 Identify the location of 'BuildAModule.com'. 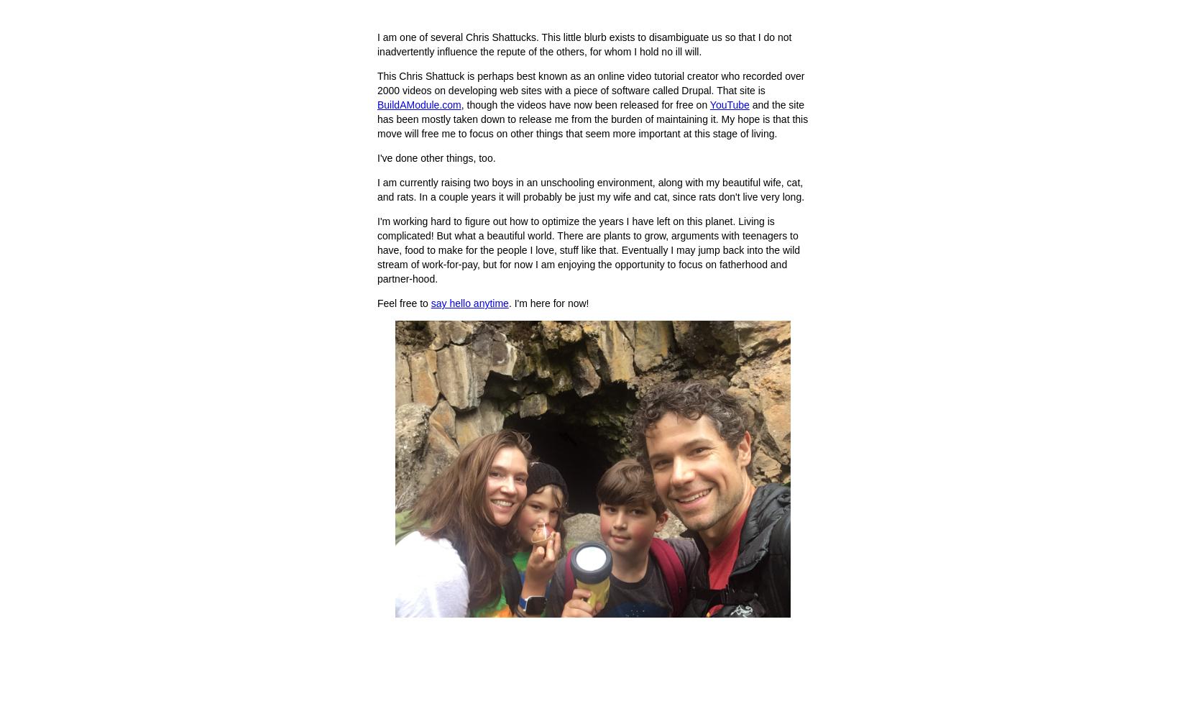
(418, 105).